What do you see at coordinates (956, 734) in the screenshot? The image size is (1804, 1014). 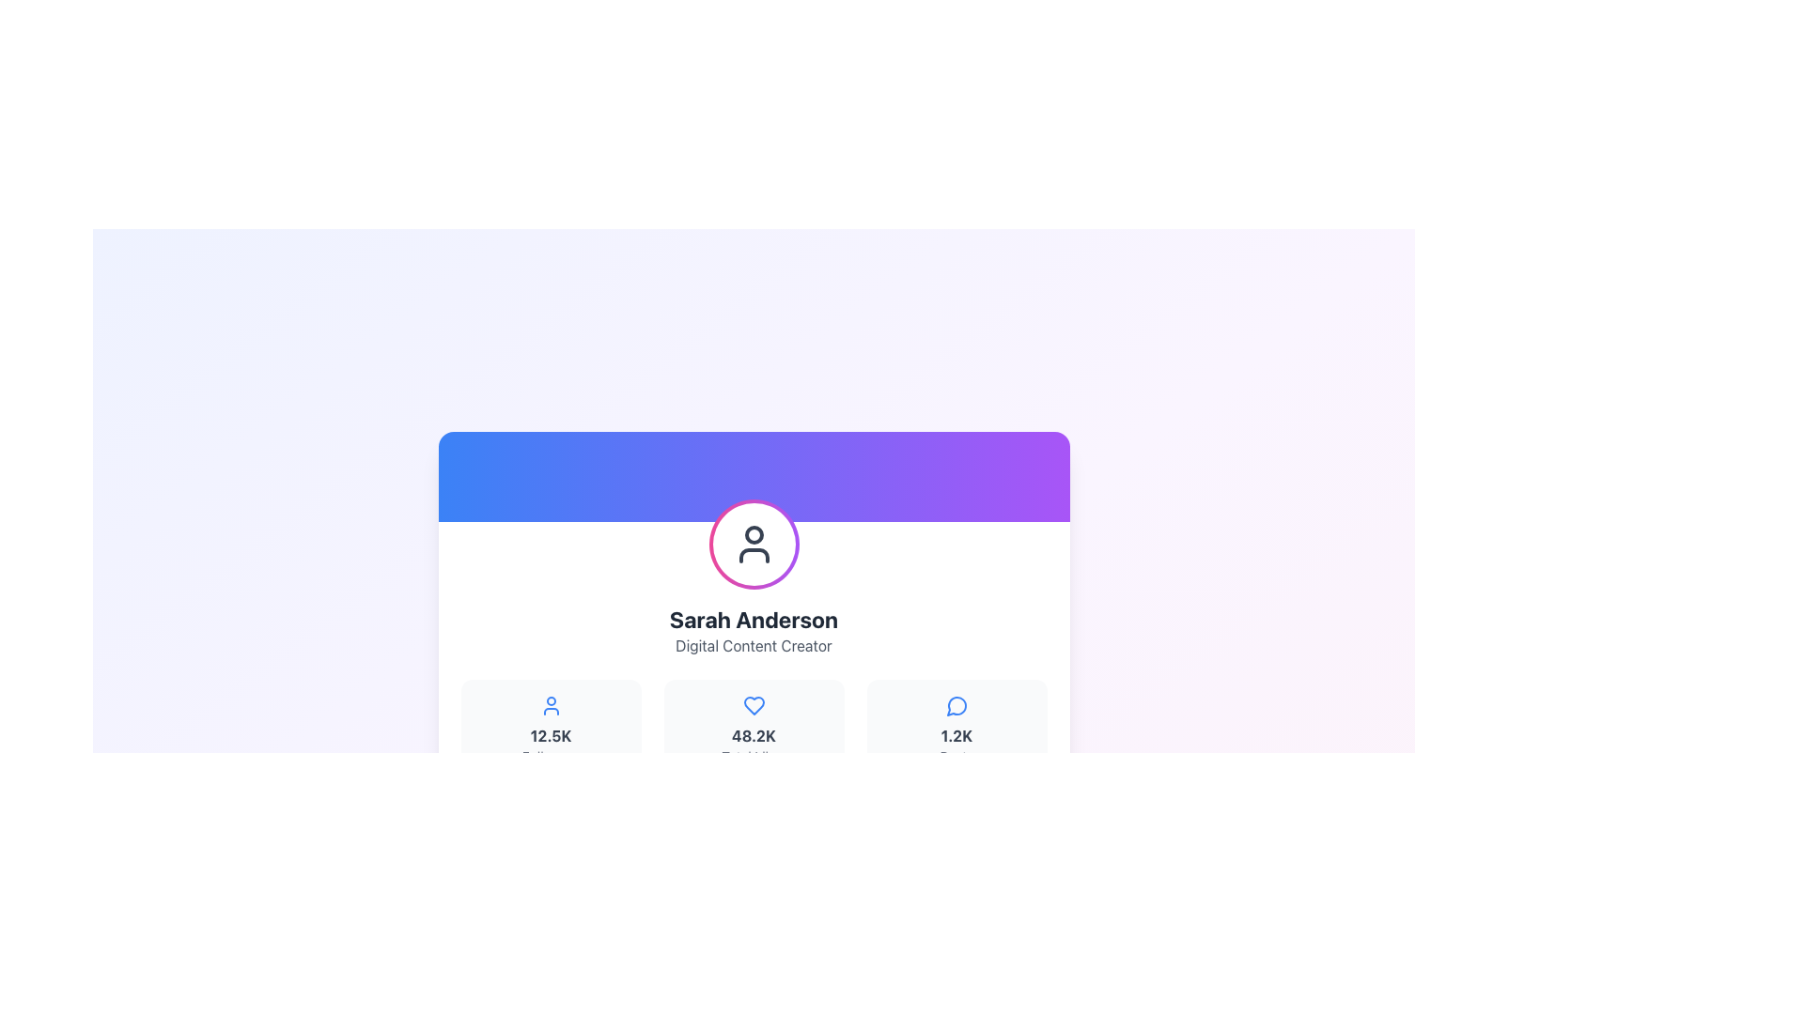 I see `the text label displaying '1.2K' in bold gray font, which is positioned above the 'Posts' label within the card-like component` at bounding box center [956, 734].